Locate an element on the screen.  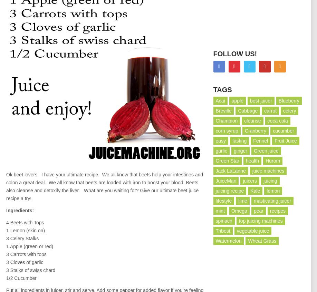
'3 Carrots with tops' is located at coordinates (26, 254).